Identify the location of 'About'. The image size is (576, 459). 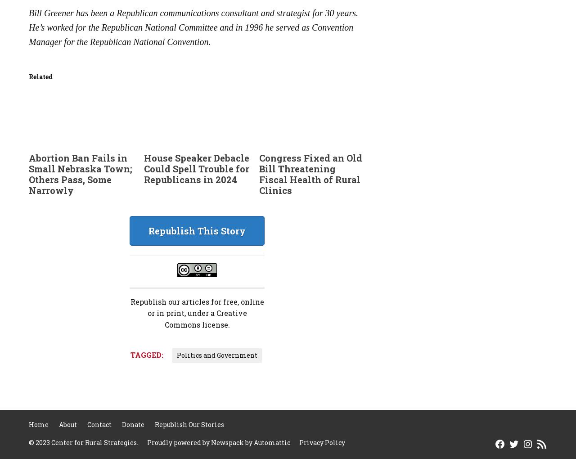
(67, 424).